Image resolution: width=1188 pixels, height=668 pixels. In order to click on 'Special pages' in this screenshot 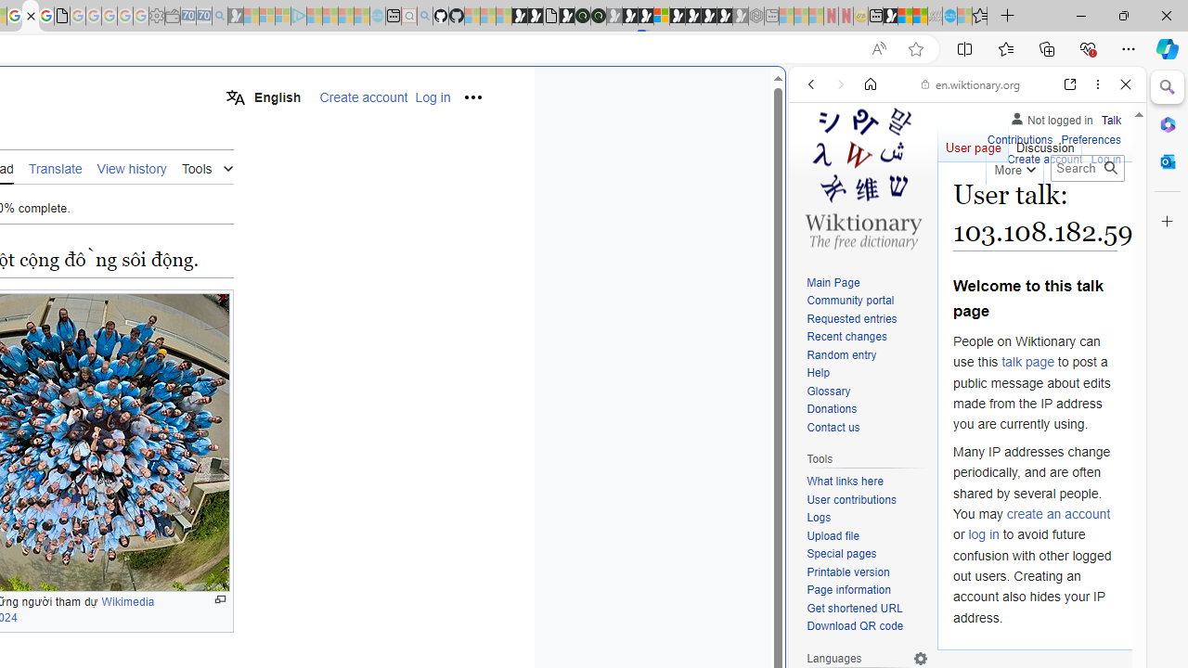, I will do `click(867, 553)`.